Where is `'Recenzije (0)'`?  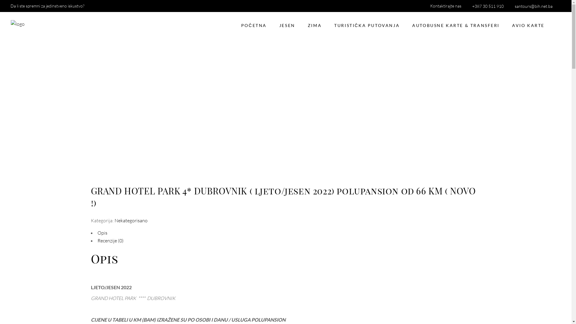 'Recenzije (0)' is located at coordinates (110, 240).